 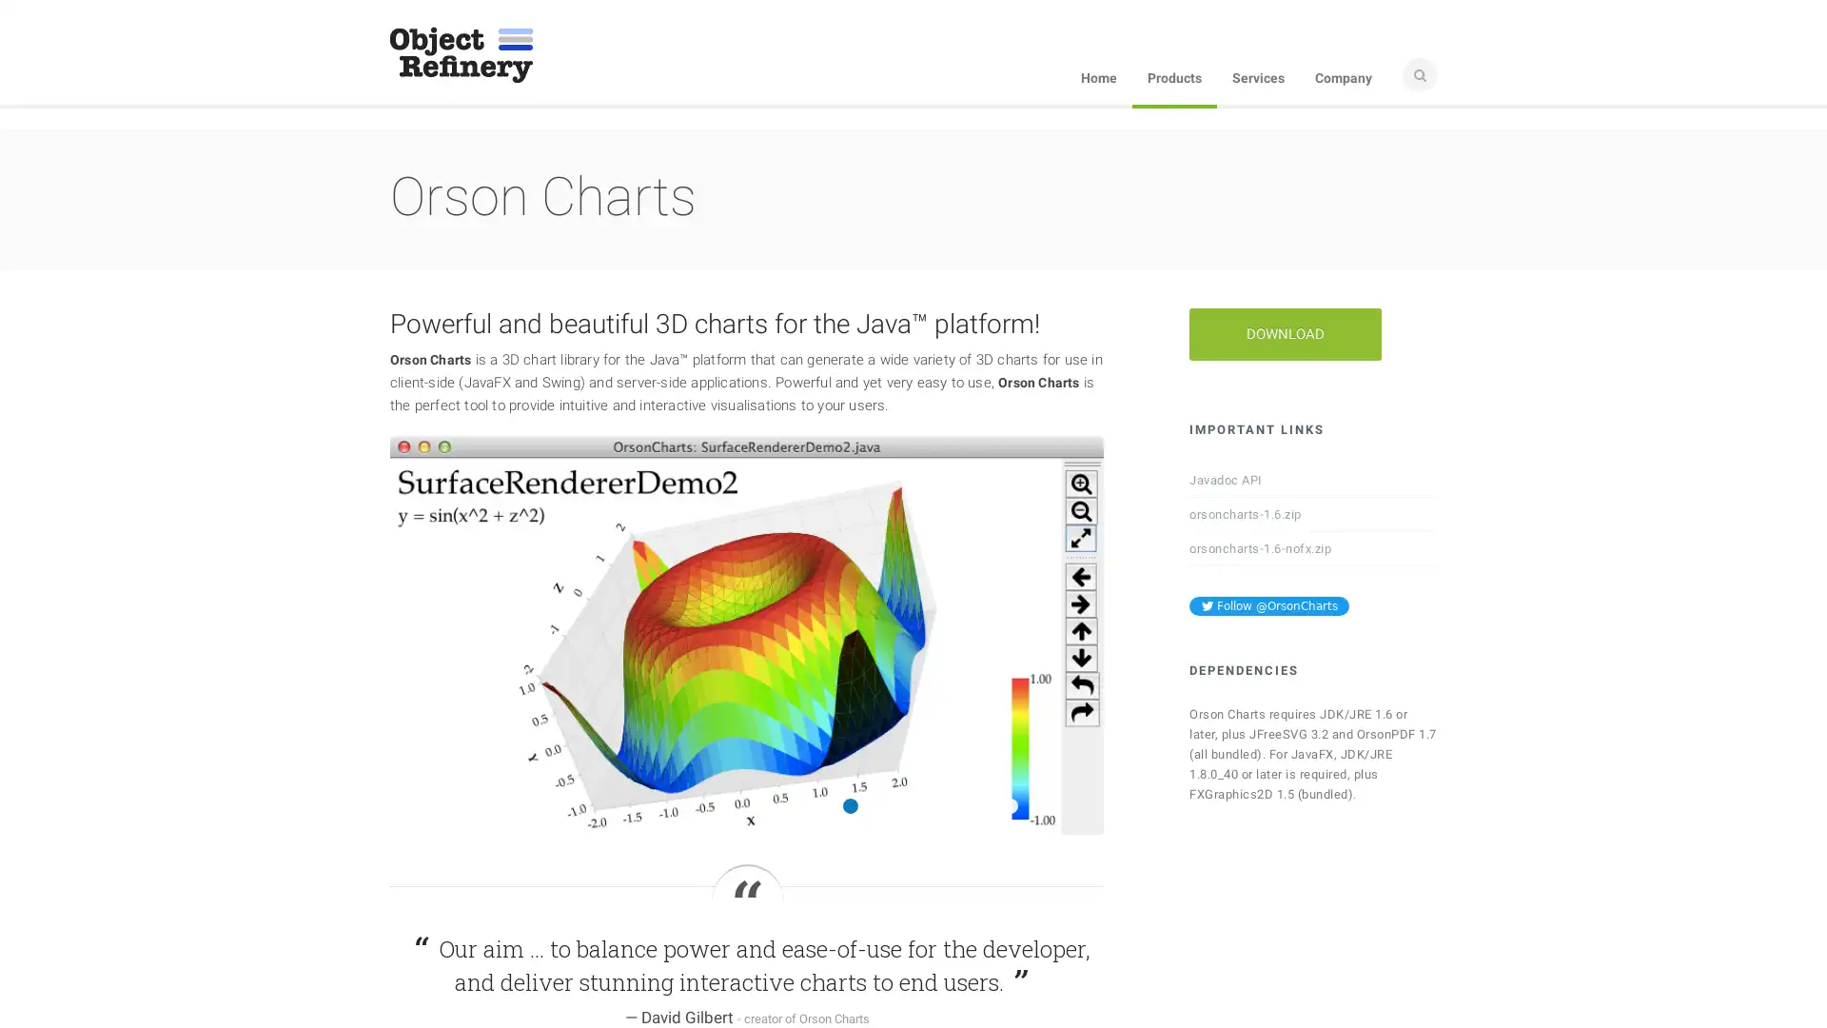 I want to click on DOWNLOAD, so click(x=1285, y=332).